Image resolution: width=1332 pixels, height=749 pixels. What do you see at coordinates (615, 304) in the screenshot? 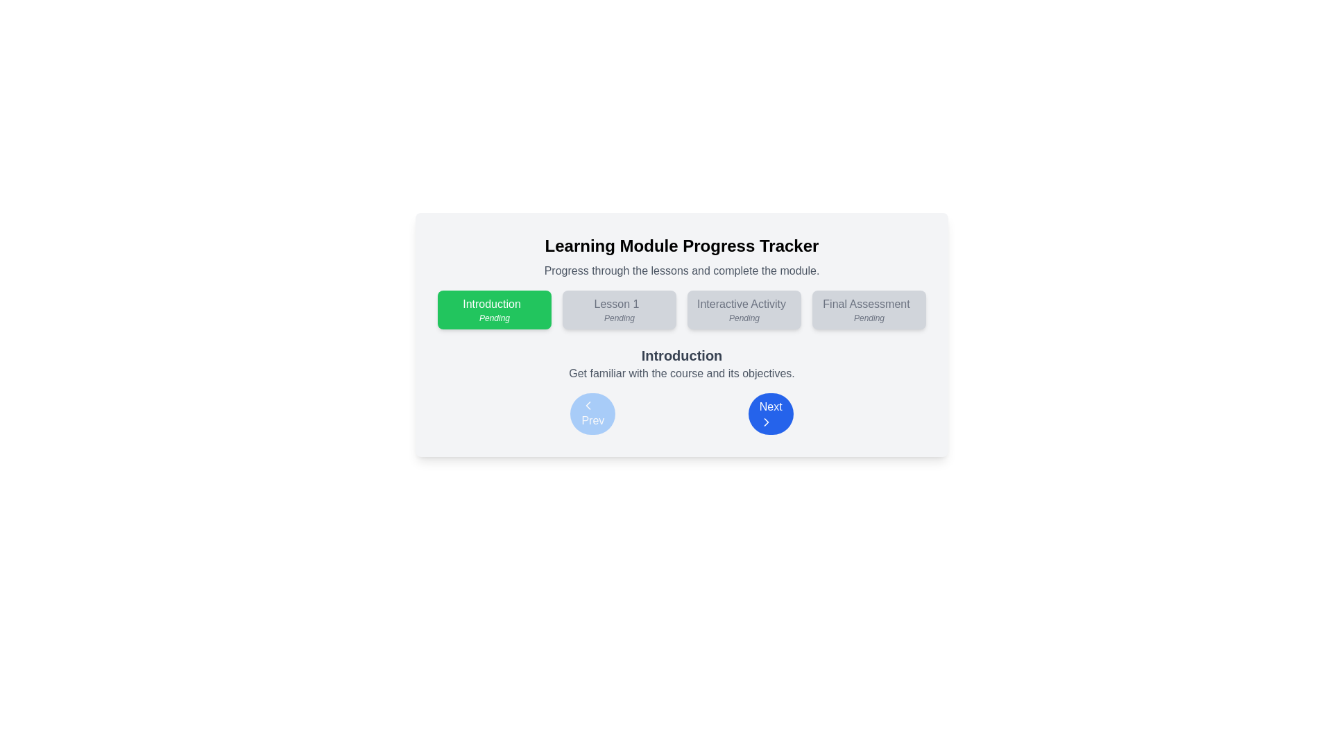
I see `the step` at bounding box center [615, 304].